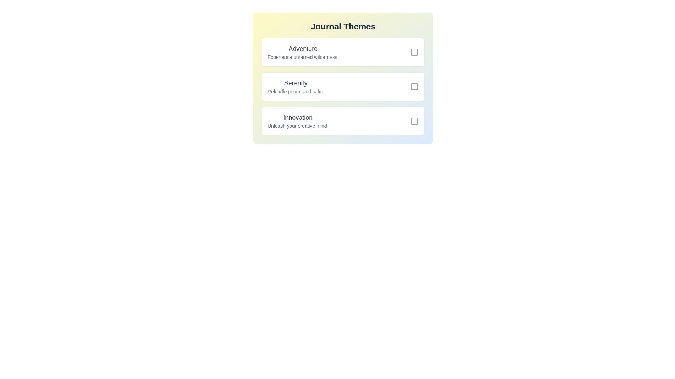 The width and height of the screenshot is (675, 379). What do you see at coordinates (414, 86) in the screenshot?
I see `the checkbox next to the item 'Serenity' in the 'Journal Themes' list to trigger a tooltip or highlight effect` at bounding box center [414, 86].